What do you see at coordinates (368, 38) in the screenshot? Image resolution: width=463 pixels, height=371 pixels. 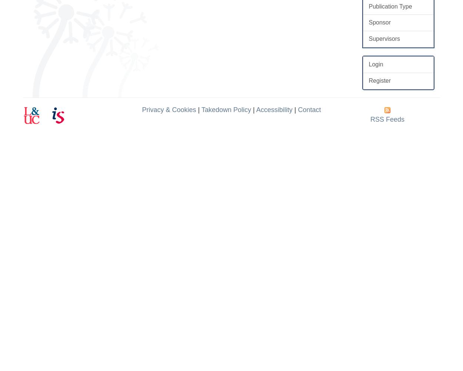 I see `'Supervisors'` at bounding box center [368, 38].